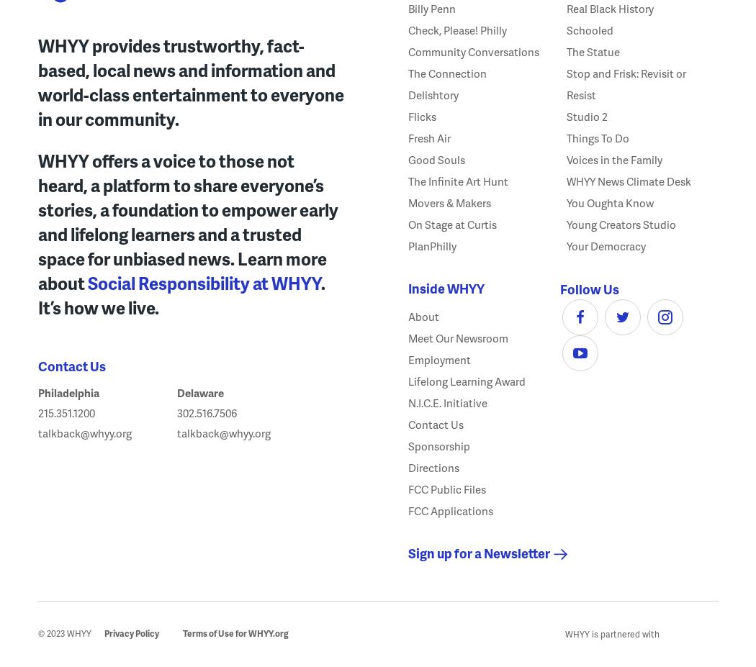 The height and width of the screenshot is (667, 756). I want to click on 'FCC Applications', so click(451, 509).